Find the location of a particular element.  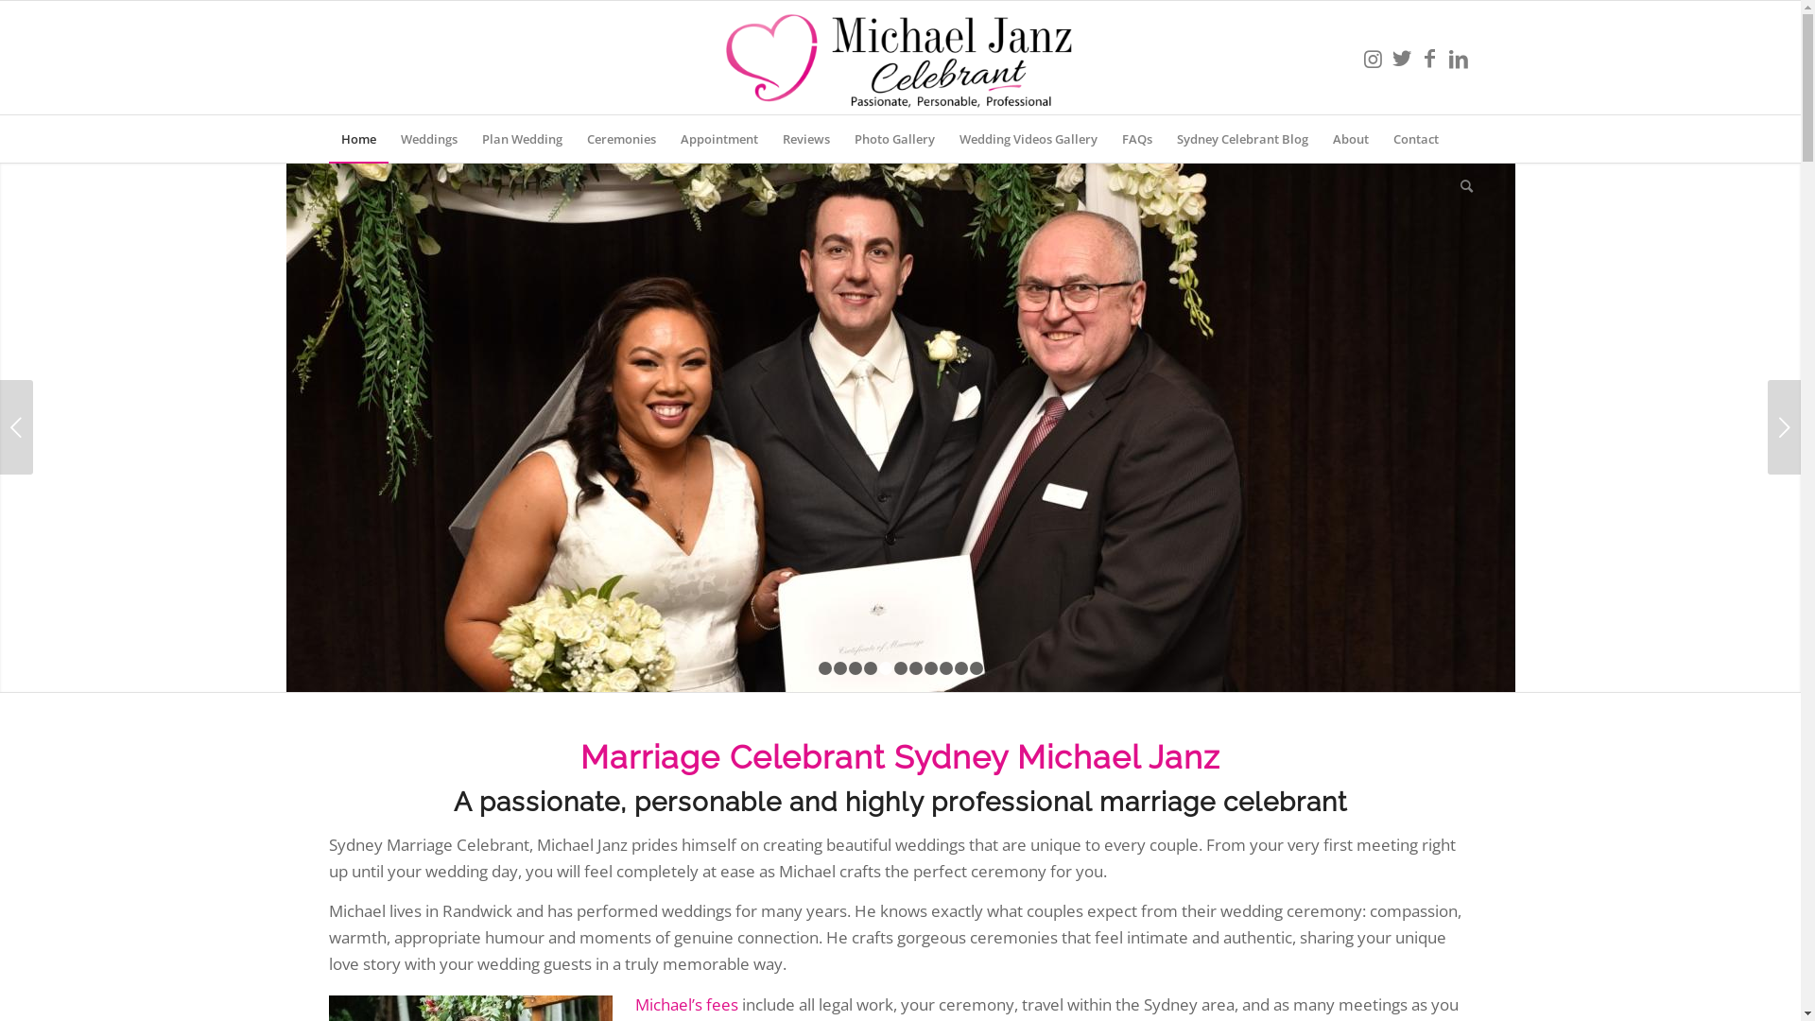

'Plan Wedding' is located at coordinates (468, 137).